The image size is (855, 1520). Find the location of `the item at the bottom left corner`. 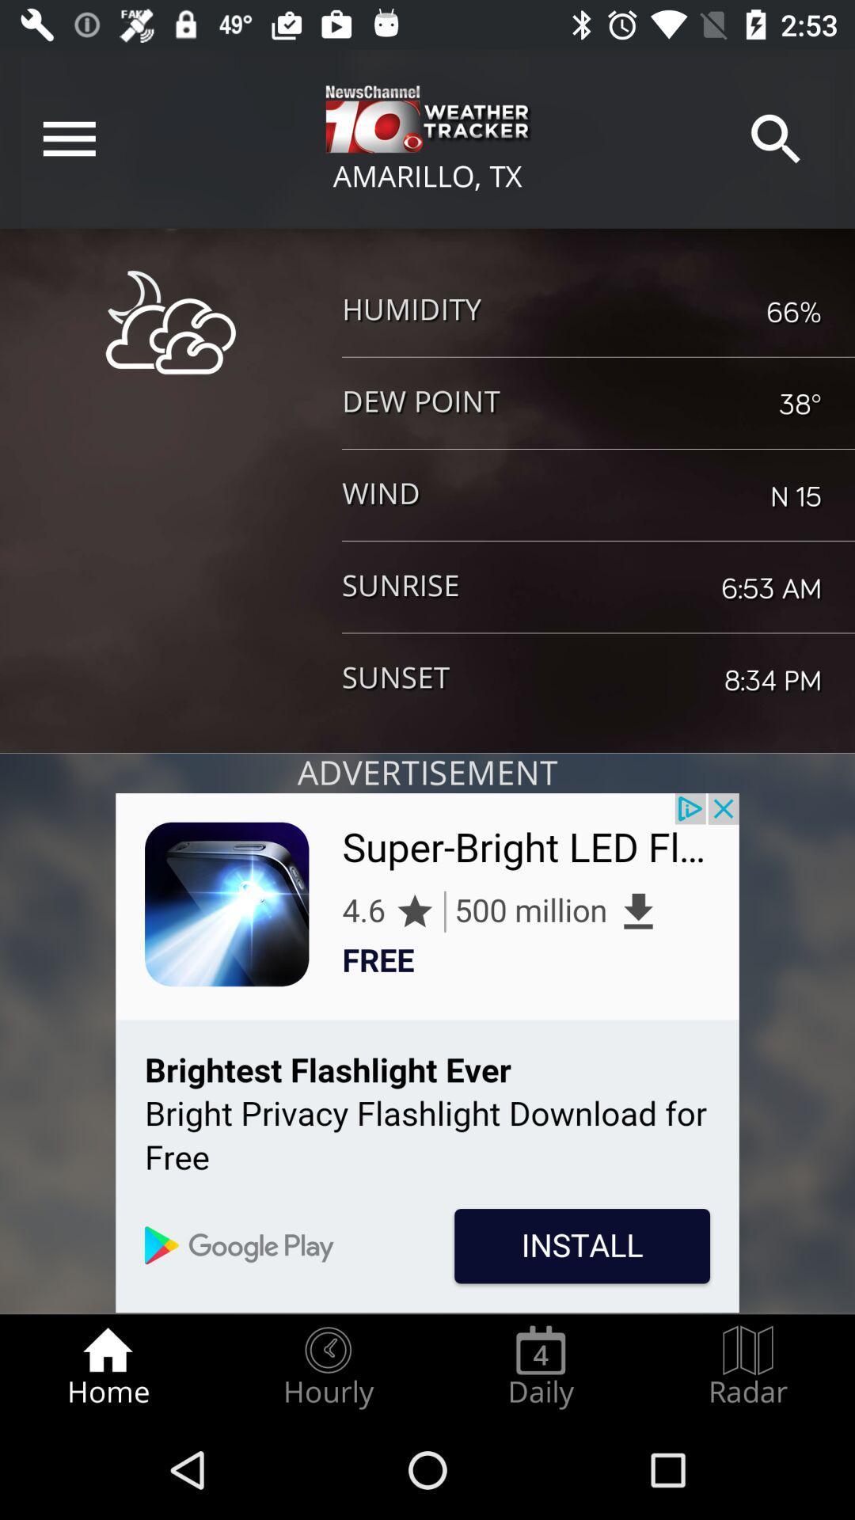

the item at the bottom left corner is located at coordinates (107, 1366).